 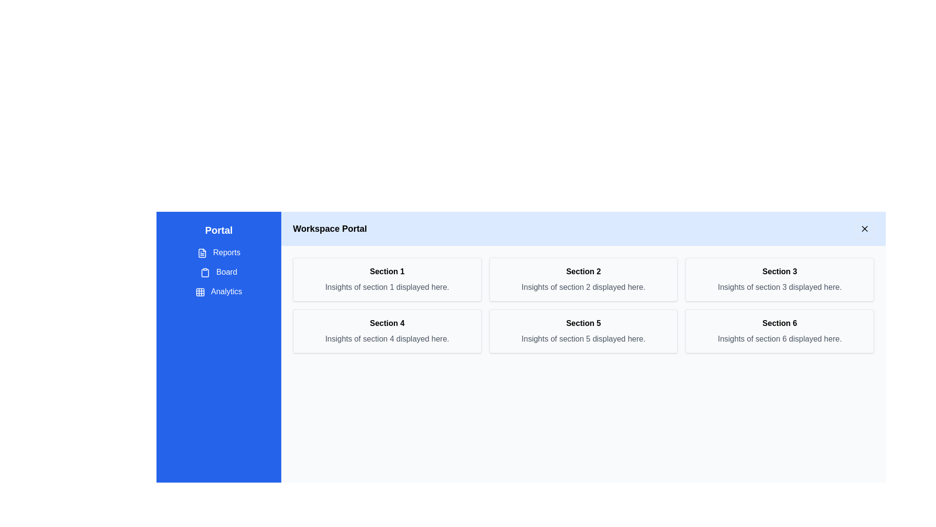 What do you see at coordinates (779, 338) in the screenshot?
I see `the text label displaying 'Insights of section 6 displayed here.' which is located under the heading 'Section 6' in the card interface` at bounding box center [779, 338].